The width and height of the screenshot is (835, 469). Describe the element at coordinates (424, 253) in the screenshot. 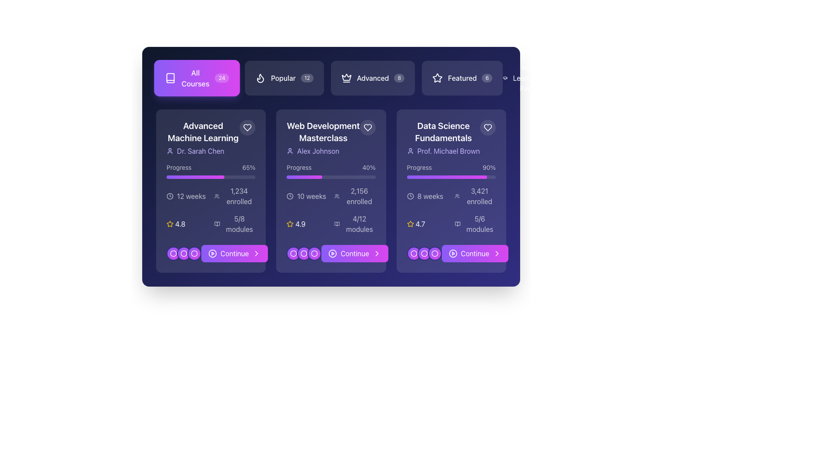

I see `the purple gradient circle icon at the bottom center of the 'Data Science Fundamentals' card` at that location.